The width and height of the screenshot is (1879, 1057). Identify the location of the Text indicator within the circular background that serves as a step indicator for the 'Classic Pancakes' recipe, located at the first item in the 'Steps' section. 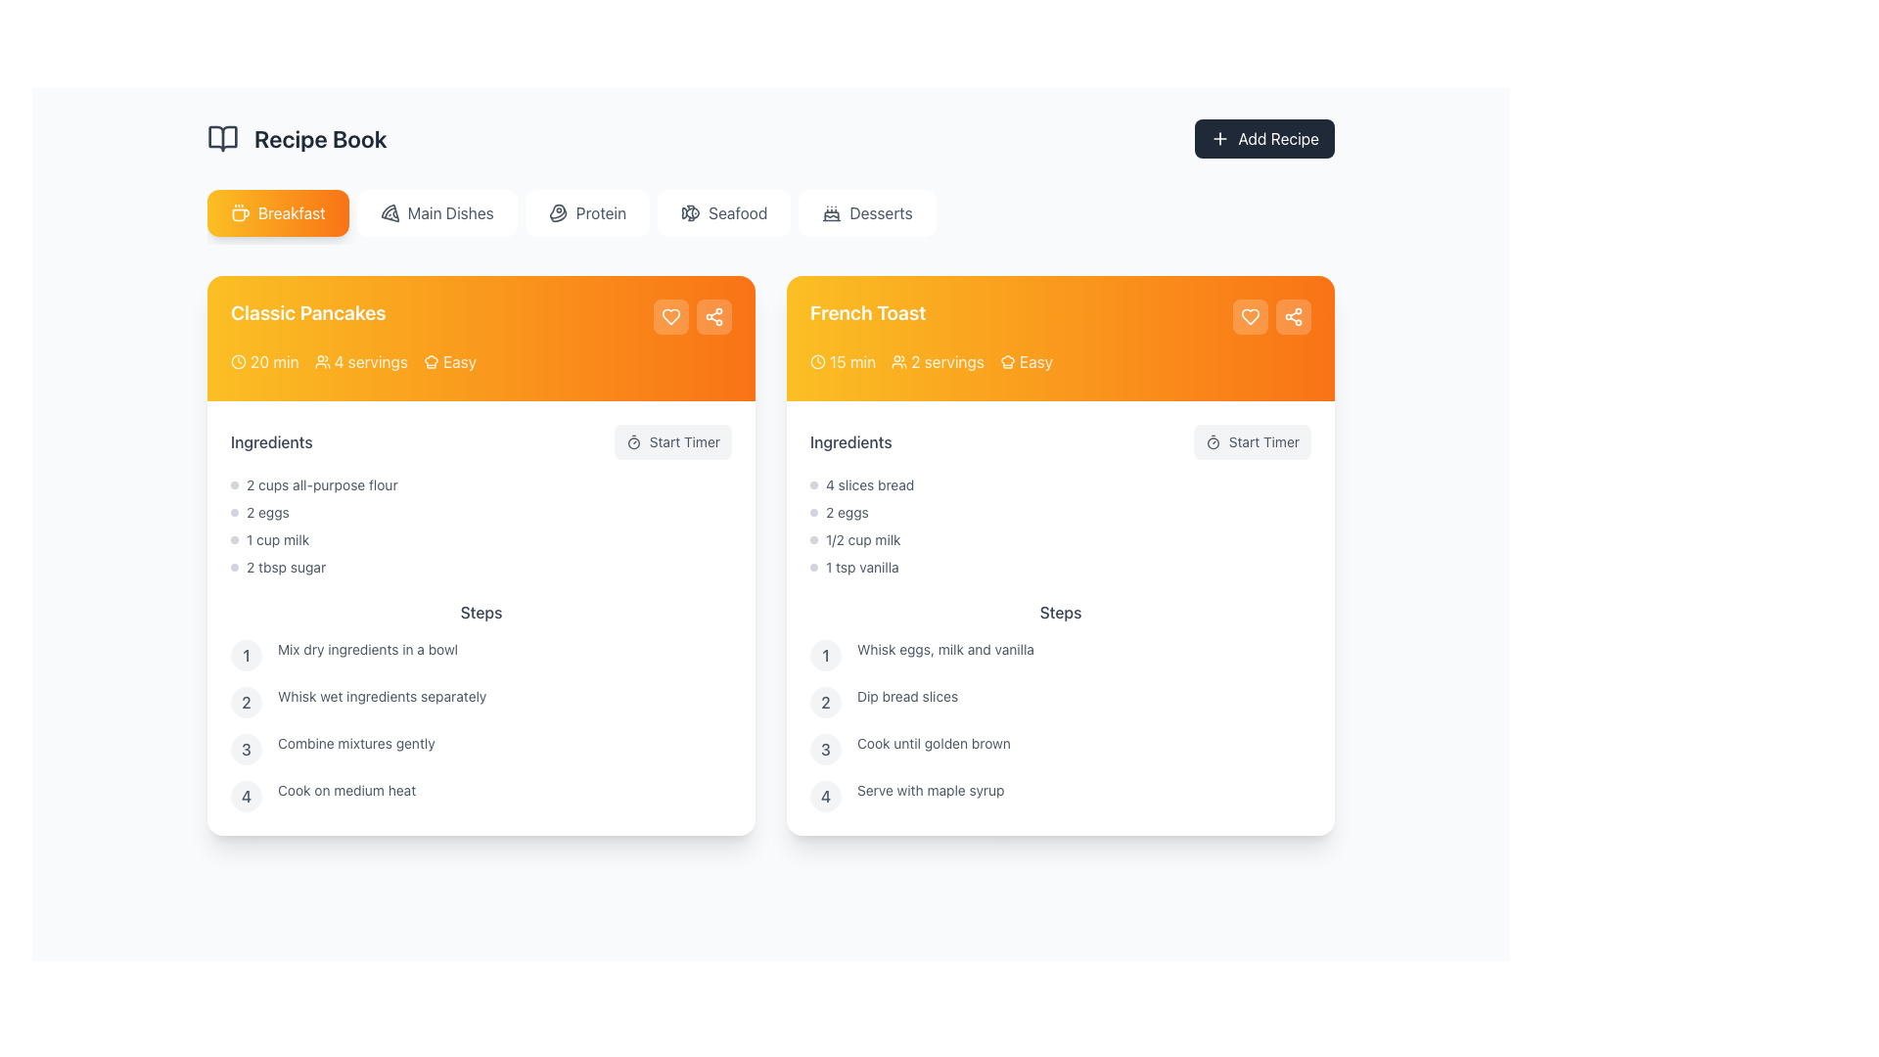
(246, 656).